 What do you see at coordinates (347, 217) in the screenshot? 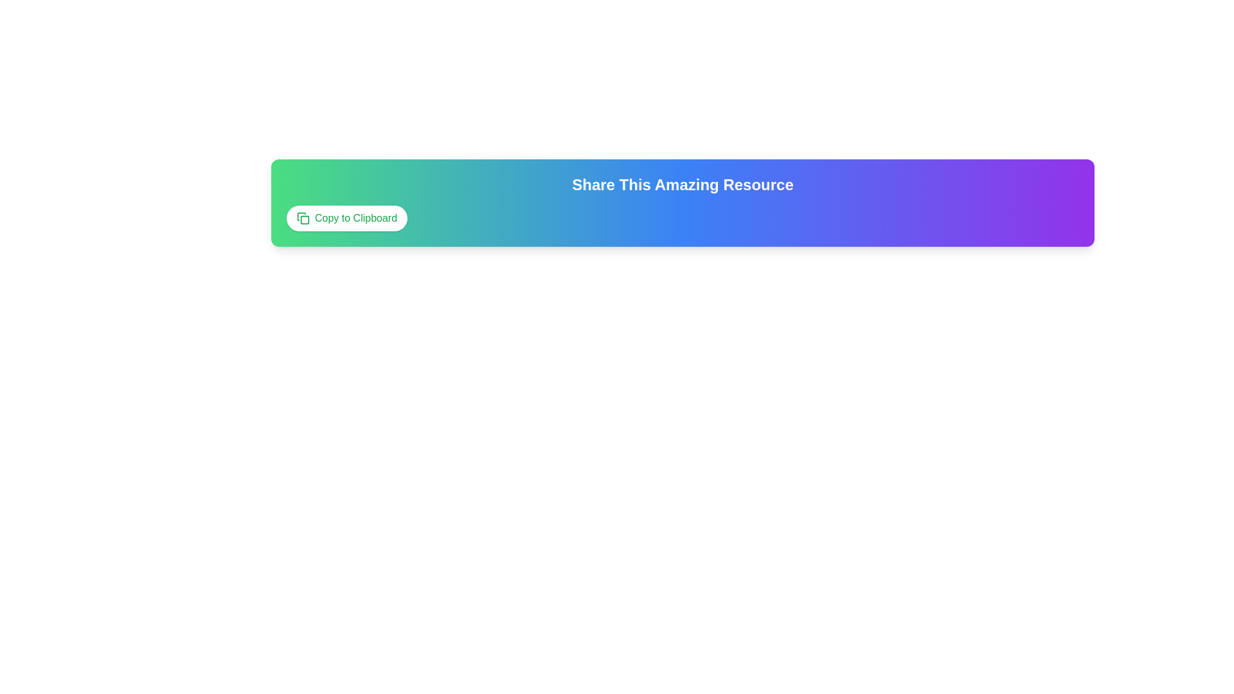
I see `the 'Copy to Clipboard' button, which has a white background, rounded edges, and green text, to observe its hover effects` at bounding box center [347, 217].